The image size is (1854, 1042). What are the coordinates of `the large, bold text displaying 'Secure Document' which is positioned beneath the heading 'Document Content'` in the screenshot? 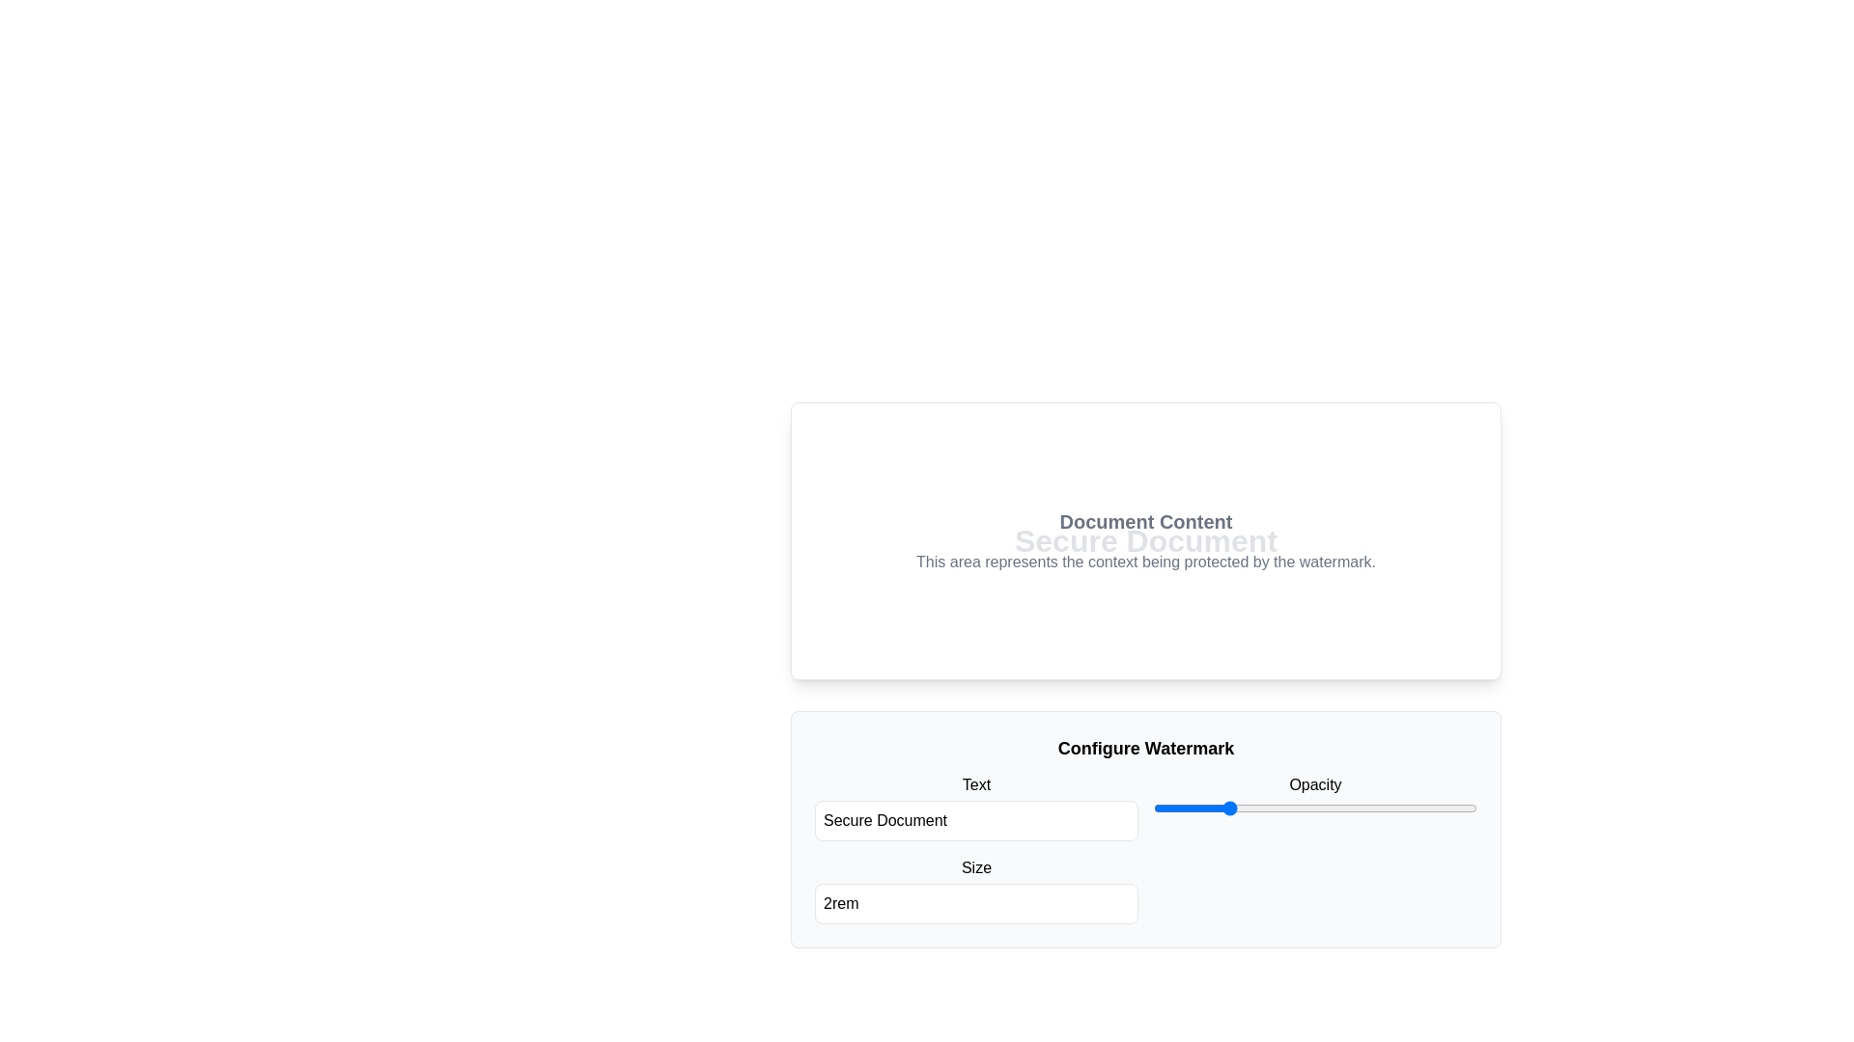 It's located at (1145, 540).